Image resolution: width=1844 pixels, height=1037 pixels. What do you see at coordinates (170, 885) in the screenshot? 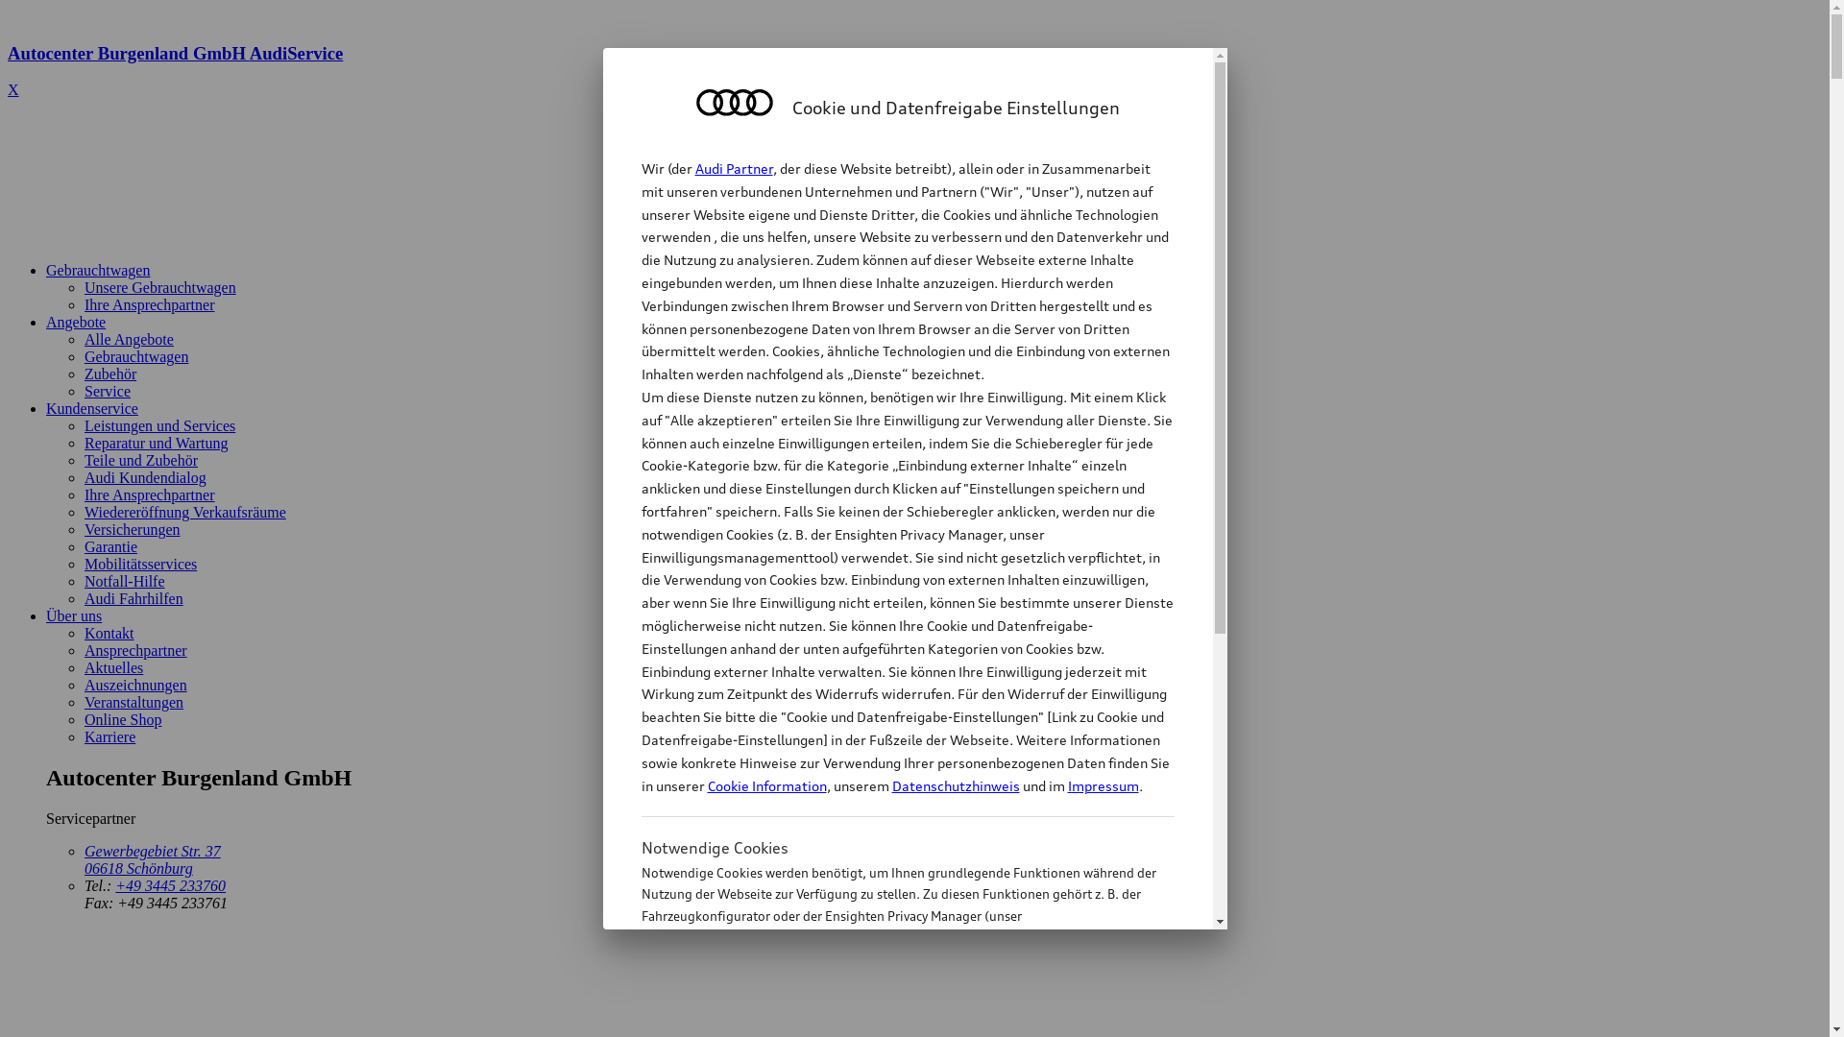
I see `'+49 3445 233760'` at bounding box center [170, 885].